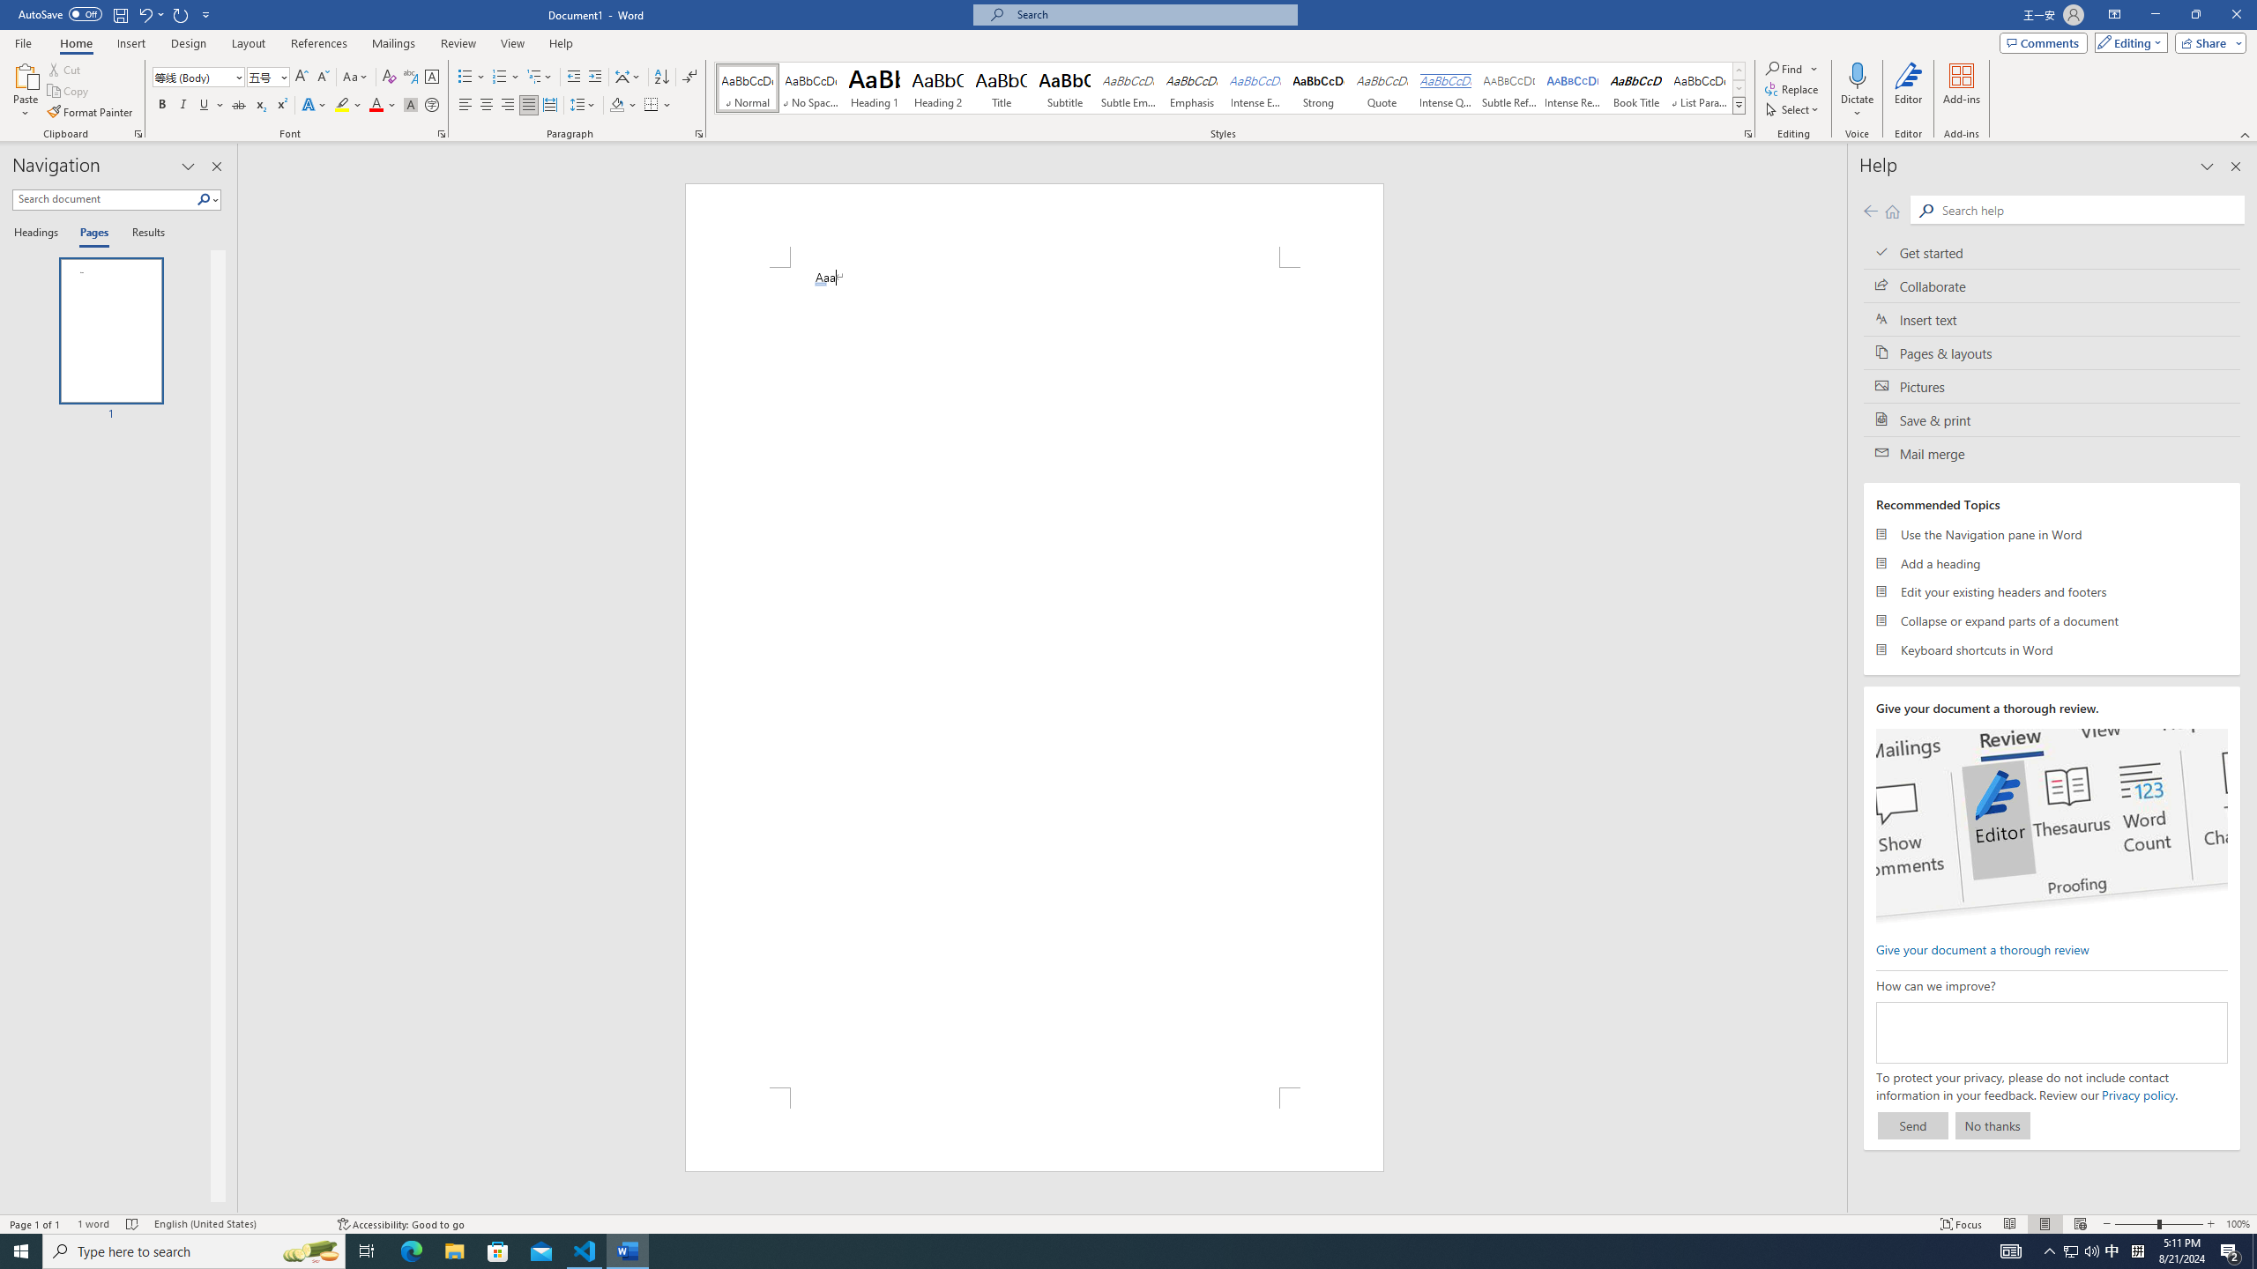  Describe the element at coordinates (141, 233) in the screenshot. I see `'Results'` at that location.